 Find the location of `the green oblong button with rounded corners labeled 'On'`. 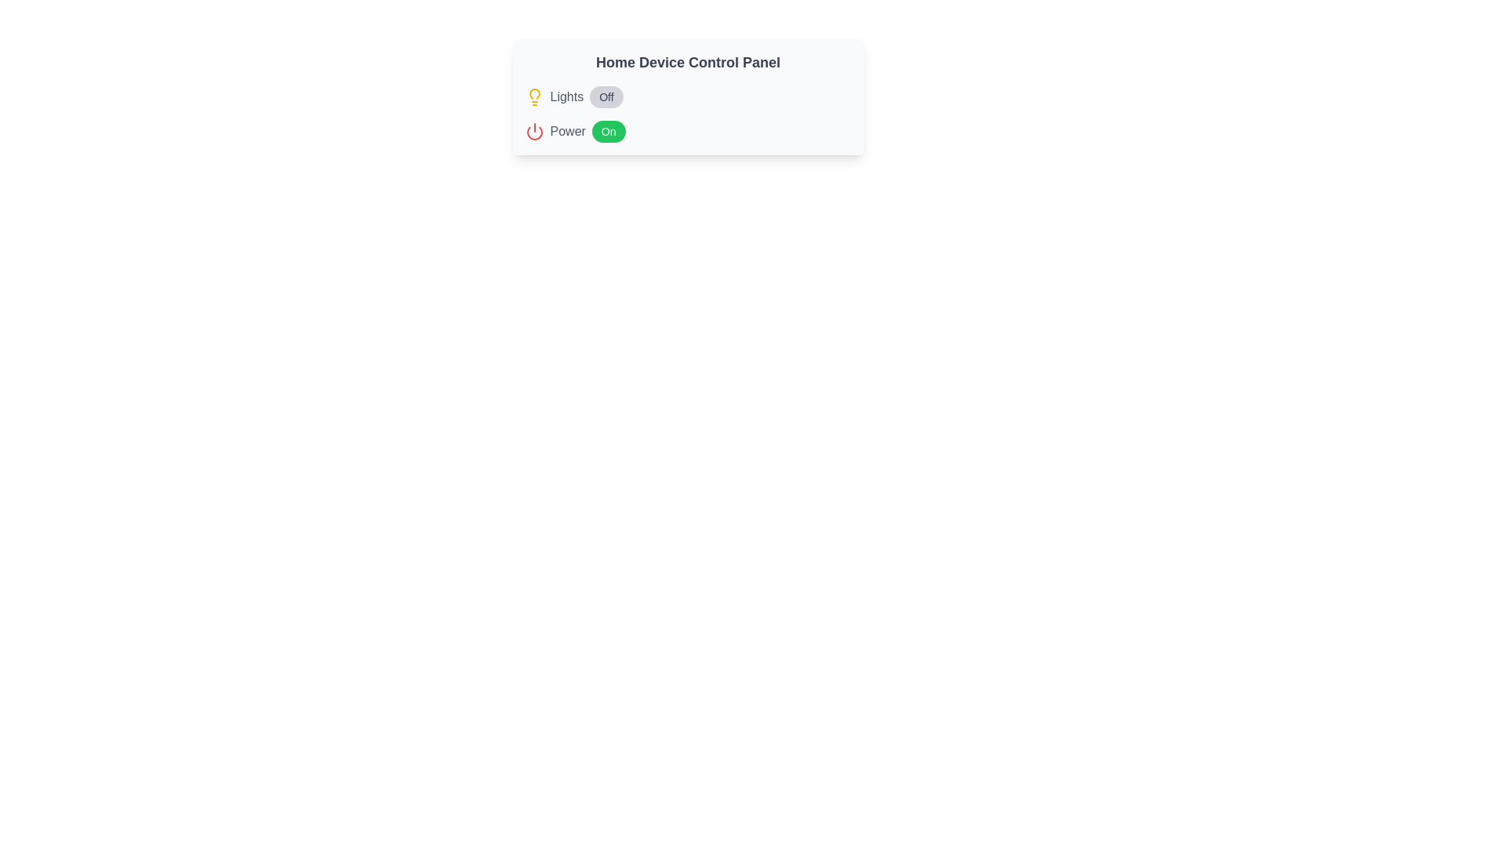

the green oblong button with rounded corners labeled 'On' is located at coordinates (608, 131).